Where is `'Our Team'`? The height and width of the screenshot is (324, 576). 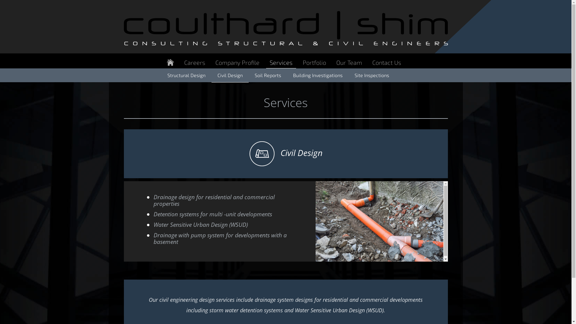
'Our Team' is located at coordinates (349, 62).